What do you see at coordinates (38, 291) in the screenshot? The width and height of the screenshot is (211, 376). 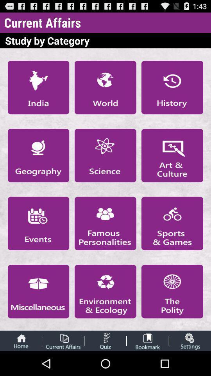 I see `study about miscellaneous current affairs` at bounding box center [38, 291].